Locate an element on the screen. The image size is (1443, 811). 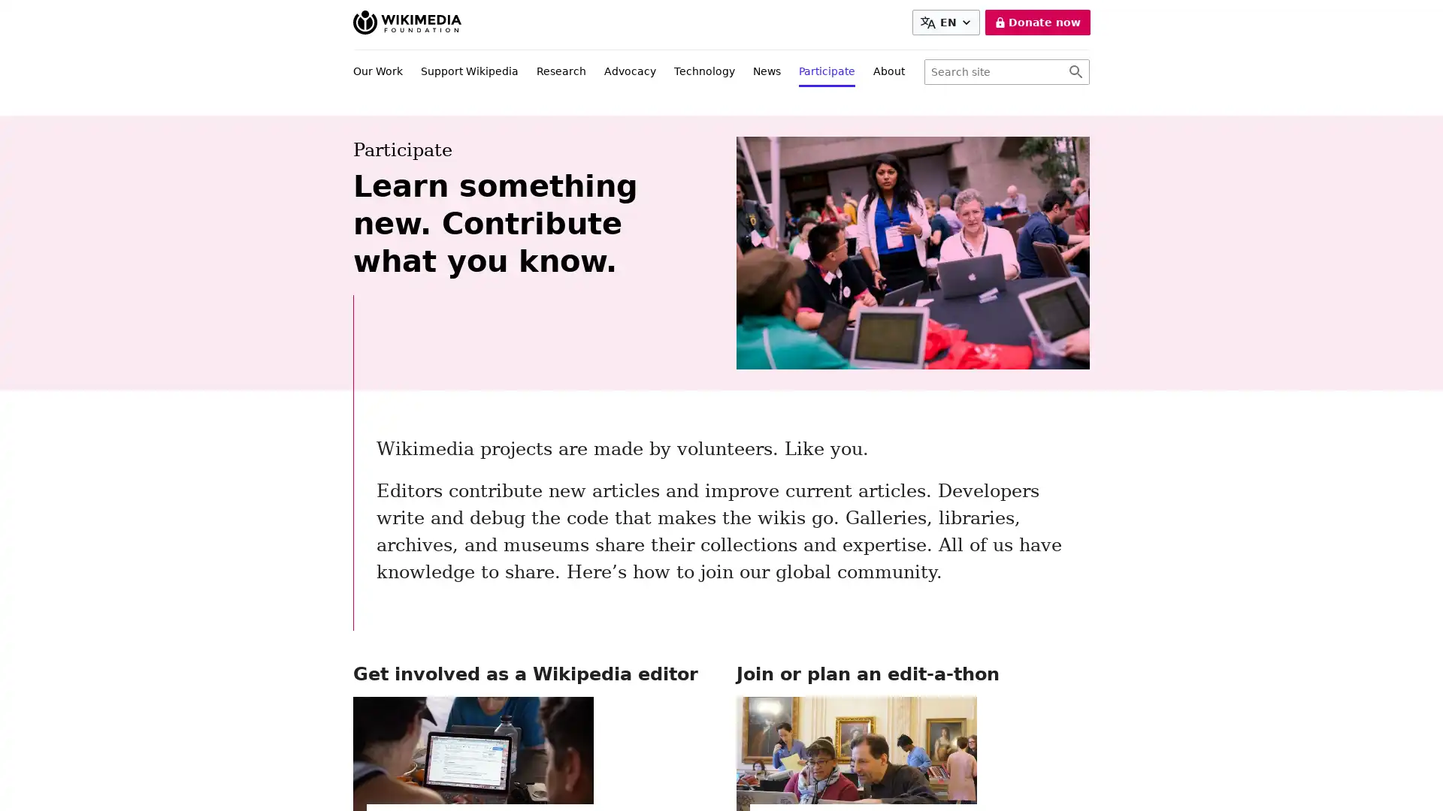
CURRENT LANGUAGE: EN is located at coordinates (945, 23).